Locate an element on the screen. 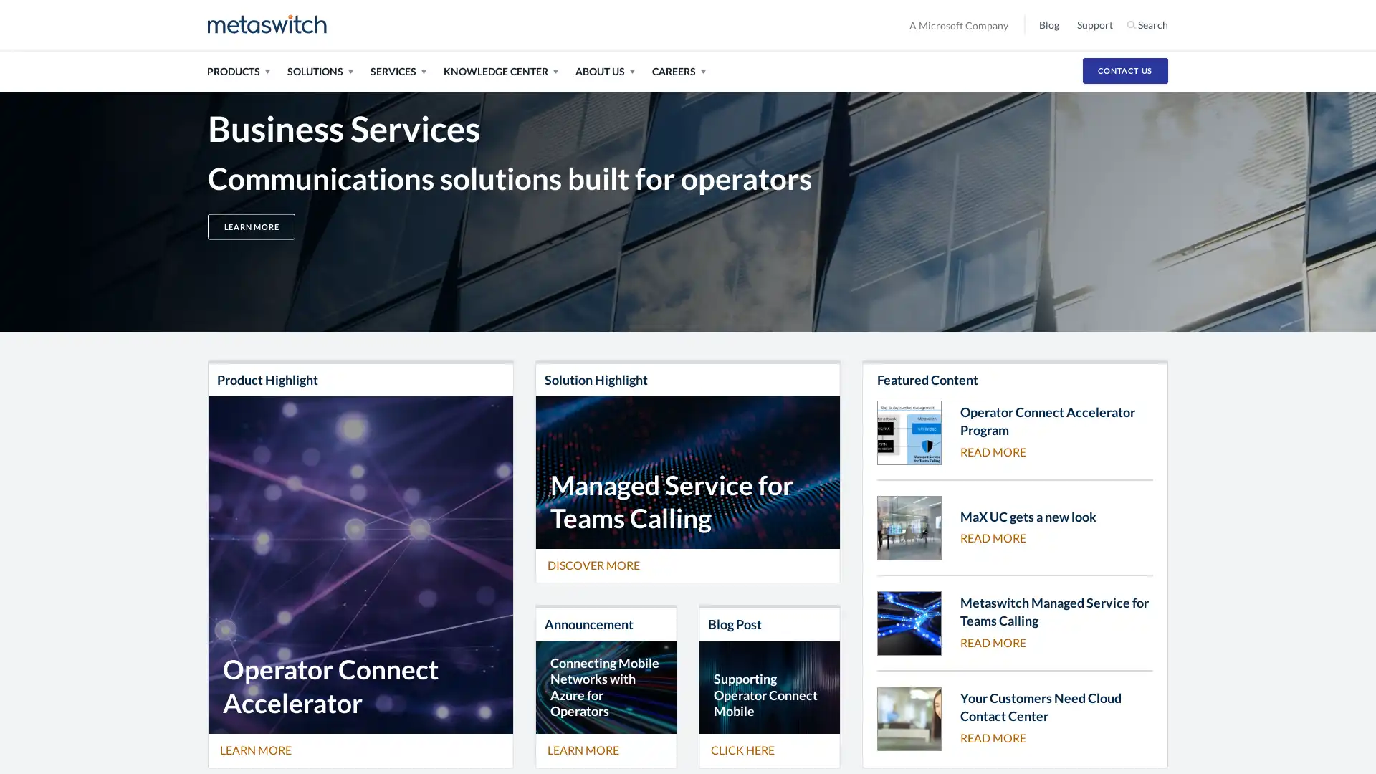 The width and height of the screenshot is (1376, 774). Submit Search is located at coordinates (1179, 24).